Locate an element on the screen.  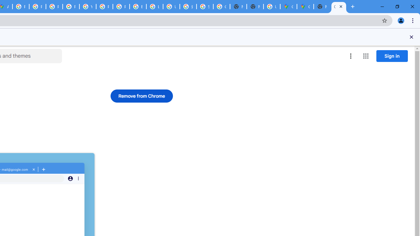
'Classic Blue - Chrome Web Store' is located at coordinates (339, 7).